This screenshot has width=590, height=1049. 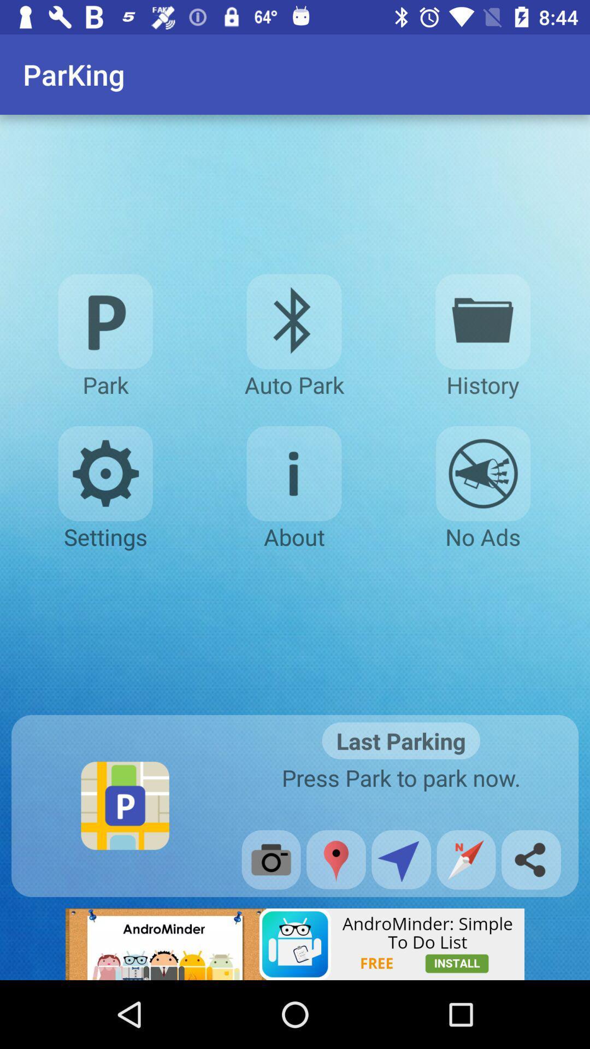 I want to click on automatic parking detection option, so click(x=293, y=321).